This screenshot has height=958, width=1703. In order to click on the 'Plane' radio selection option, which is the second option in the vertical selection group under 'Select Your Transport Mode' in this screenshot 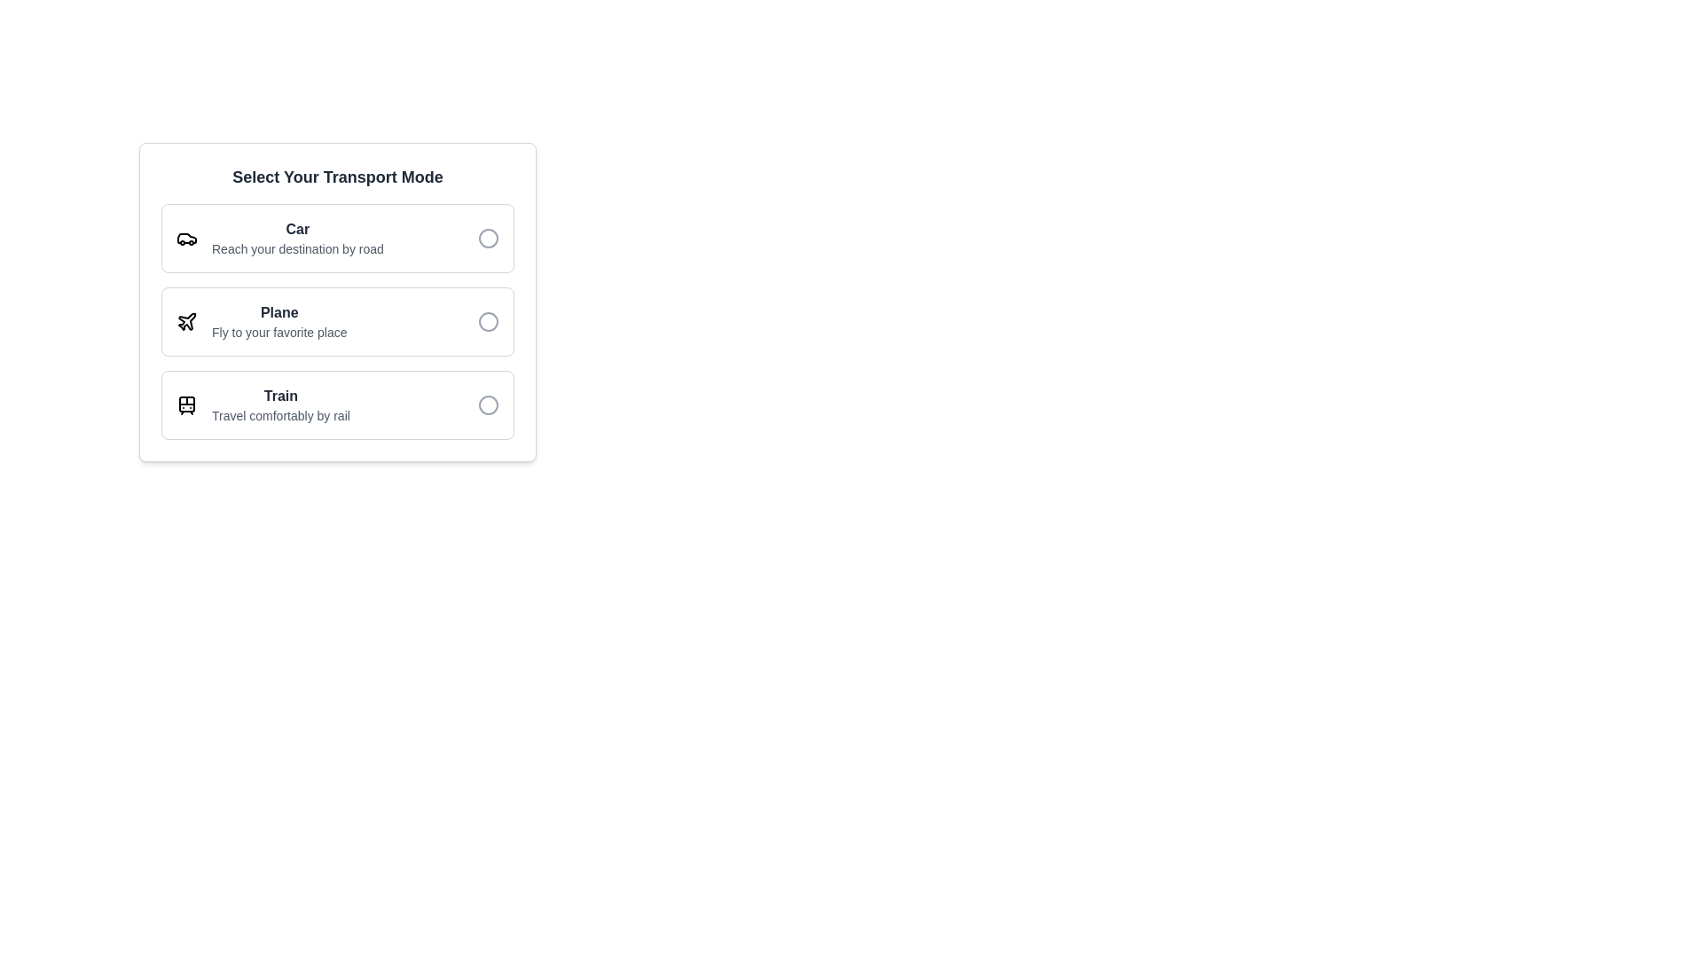, I will do `click(337, 321)`.